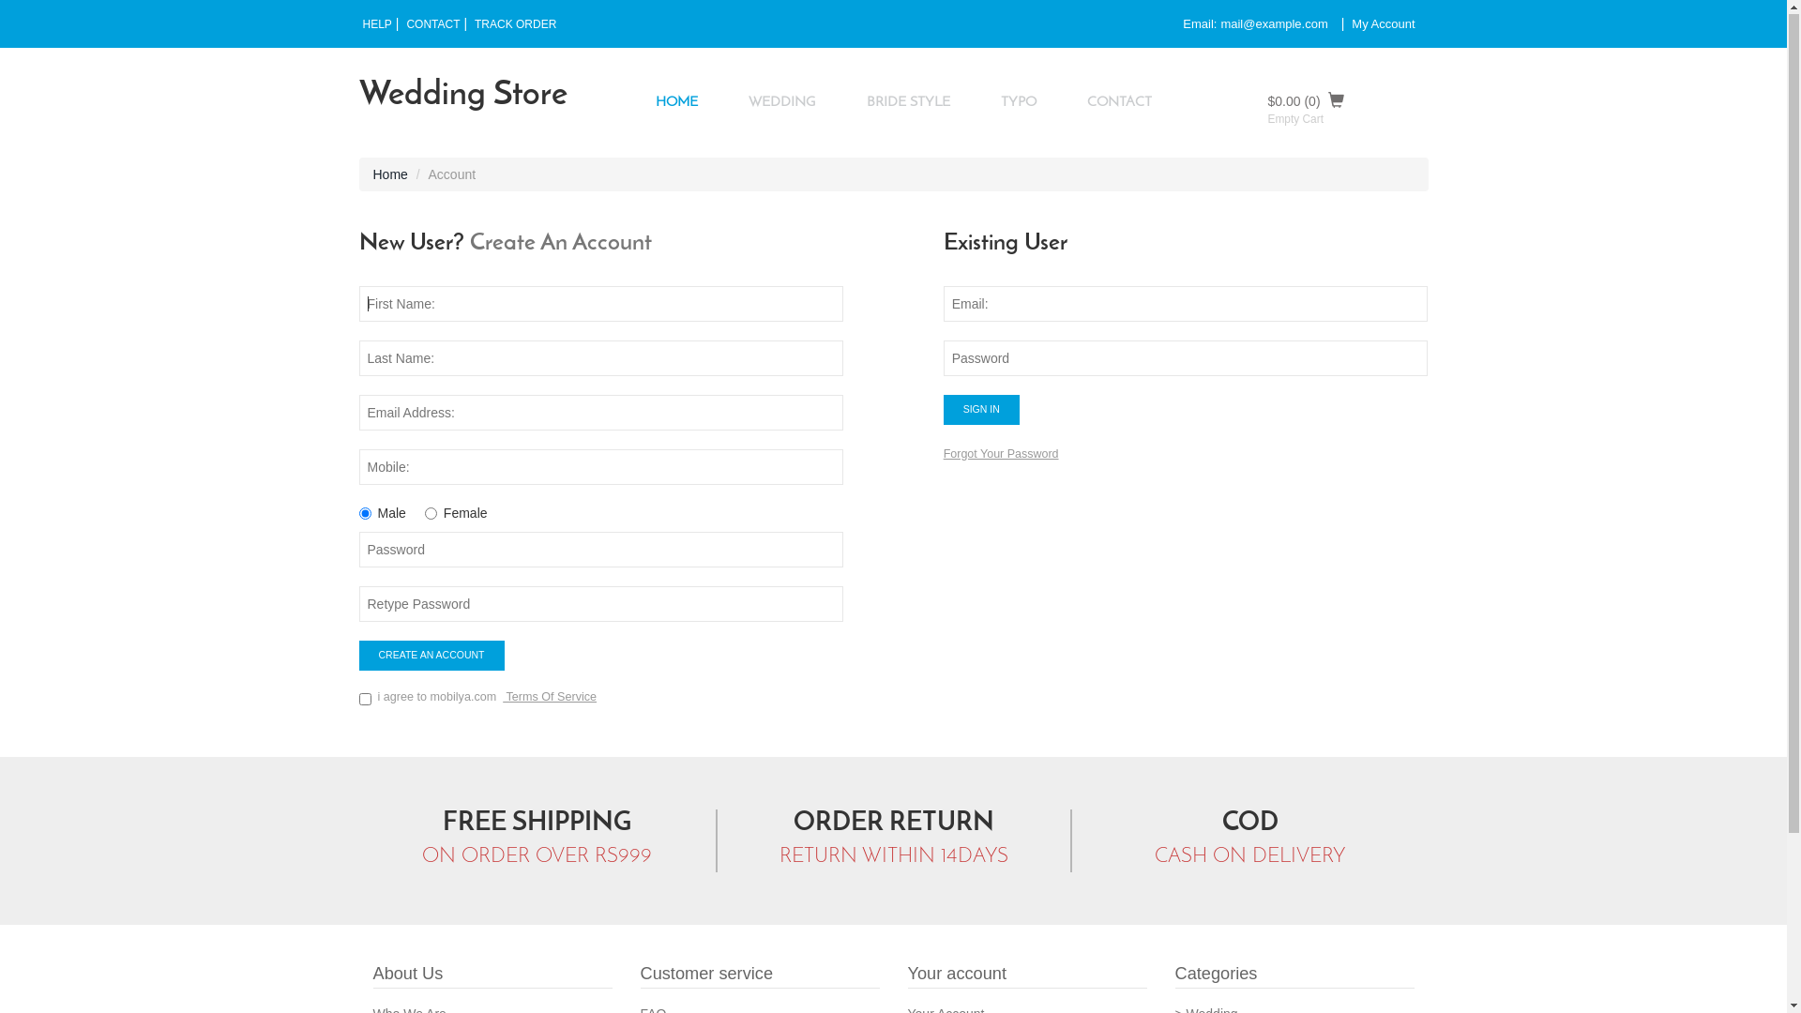  I want to click on 'Empty Cart', so click(1294, 119).